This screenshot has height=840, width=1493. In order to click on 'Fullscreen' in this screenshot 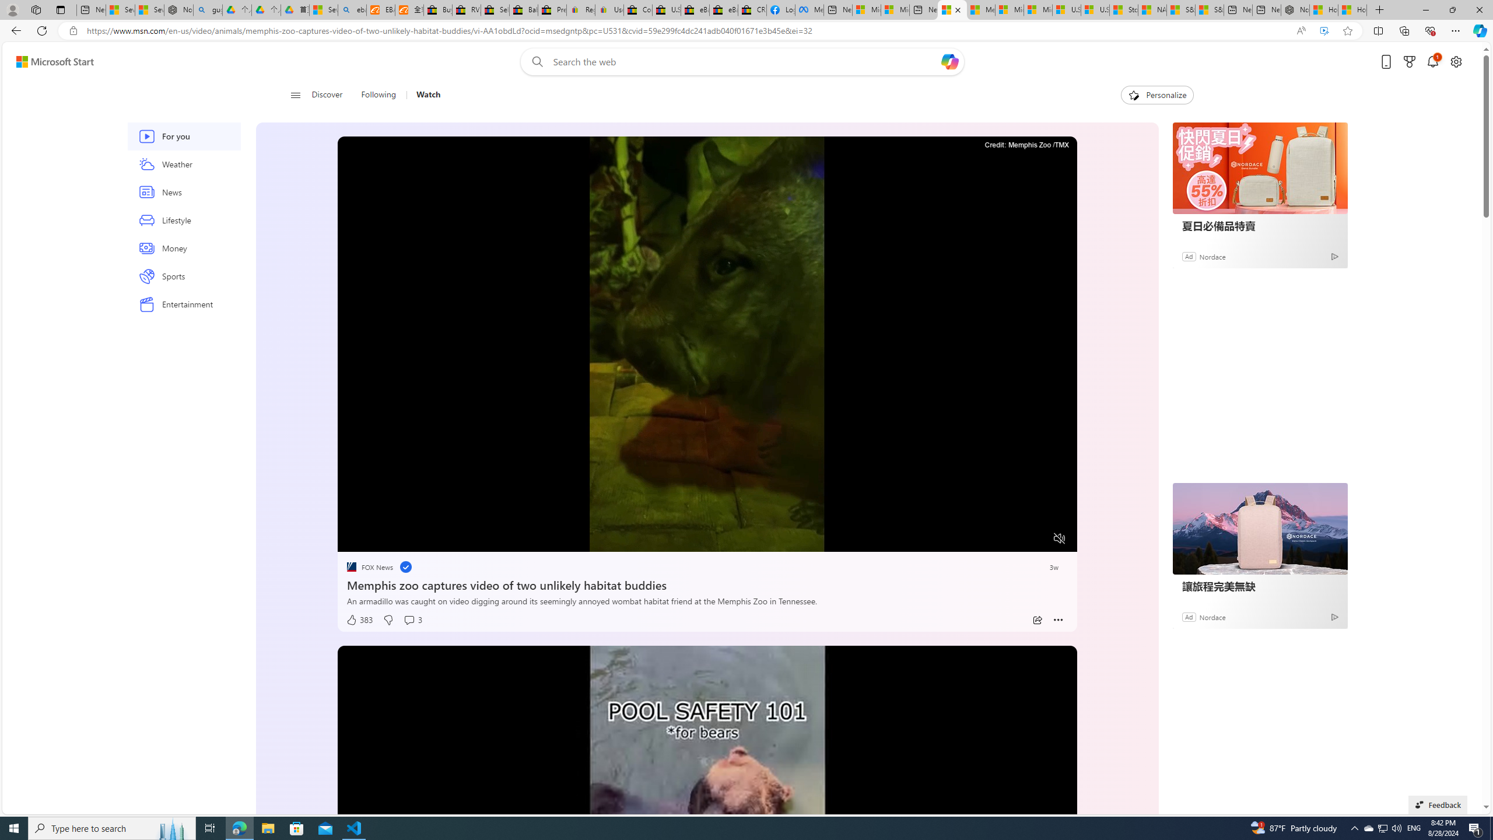, I will do `click(1037, 538)`.